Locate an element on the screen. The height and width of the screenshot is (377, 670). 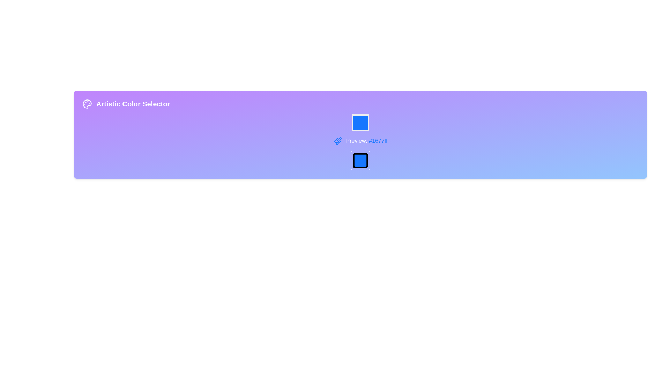
the paintbrush icon located to the left of the 'Preview: #1677ff' label, indicating a functionality related to colors or design is located at coordinates (337, 141).